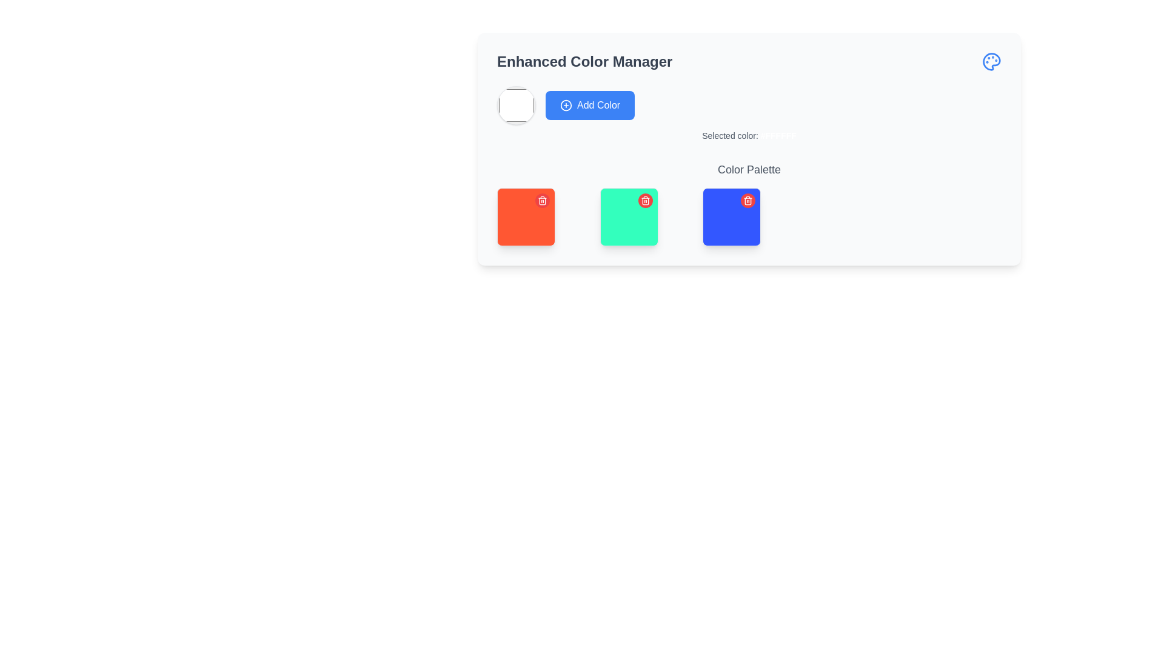 Image resolution: width=1164 pixels, height=655 pixels. What do you see at coordinates (629, 217) in the screenshot?
I see `the interactive light green color tile with a remove button` at bounding box center [629, 217].